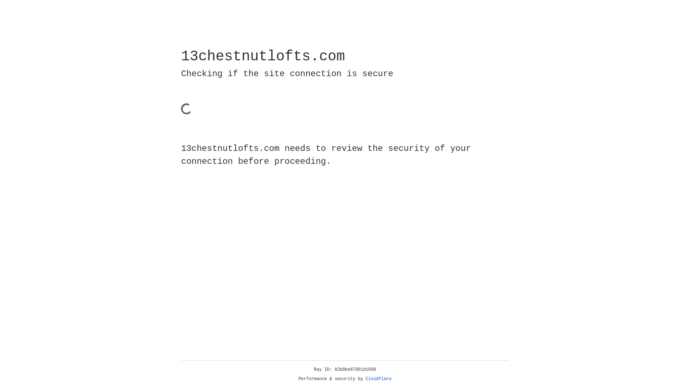 The image size is (690, 388). I want to click on 'Cloudflare', so click(378, 379).